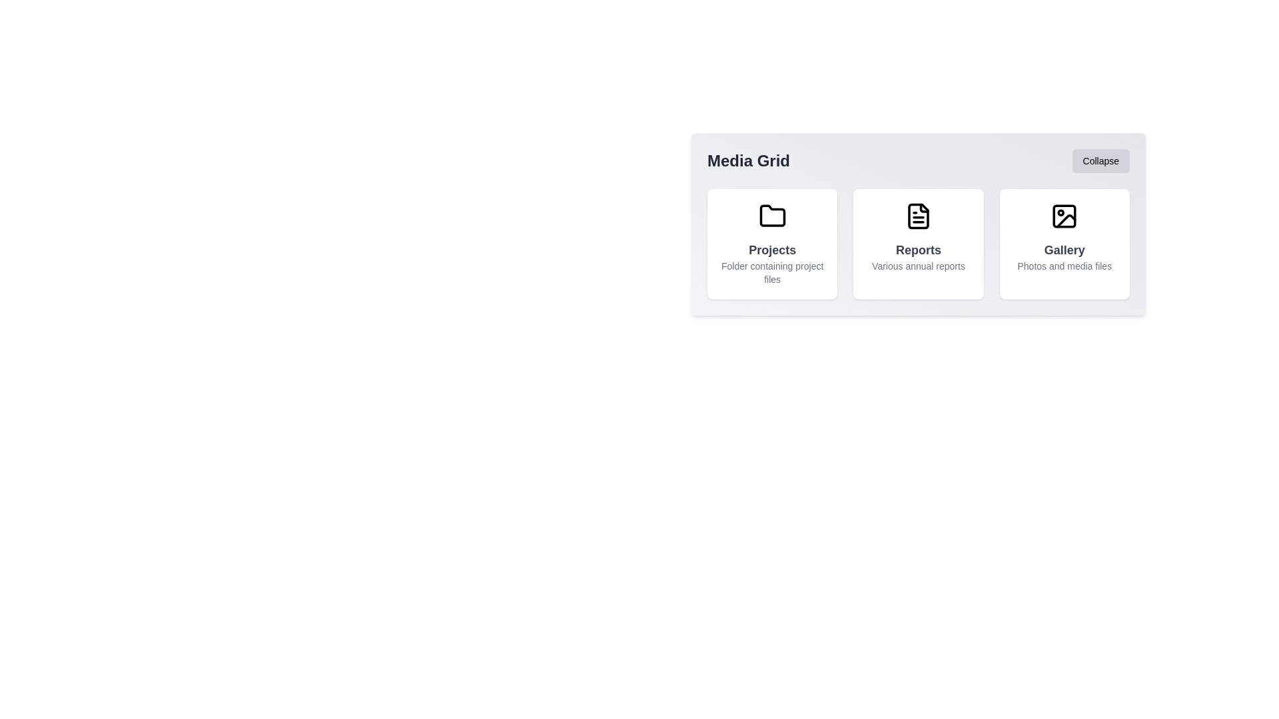 The image size is (1279, 719). I want to click on the grid item Projects, so click(772, 244).